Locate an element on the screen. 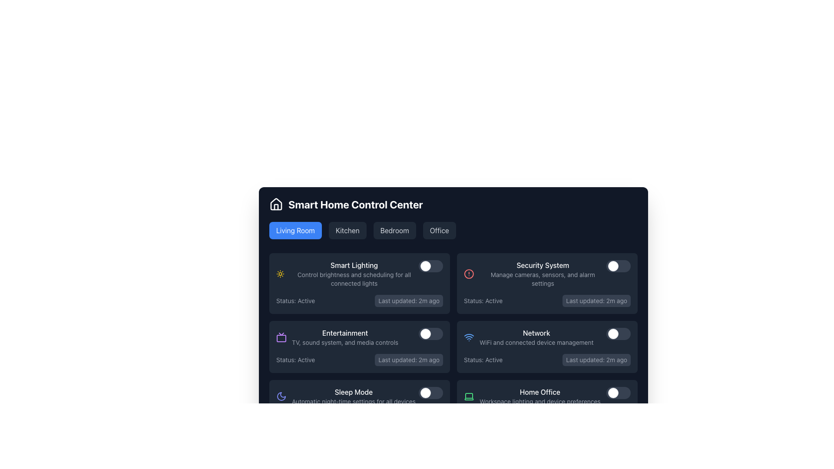 Image resolution: width=834 pixels, height=469 pixels. the 'Security System' text display element, which features a bold white title and a gray subtitle, located on a dark blue card-like interface in the second card of the second column is located at coordinates (542, 274).